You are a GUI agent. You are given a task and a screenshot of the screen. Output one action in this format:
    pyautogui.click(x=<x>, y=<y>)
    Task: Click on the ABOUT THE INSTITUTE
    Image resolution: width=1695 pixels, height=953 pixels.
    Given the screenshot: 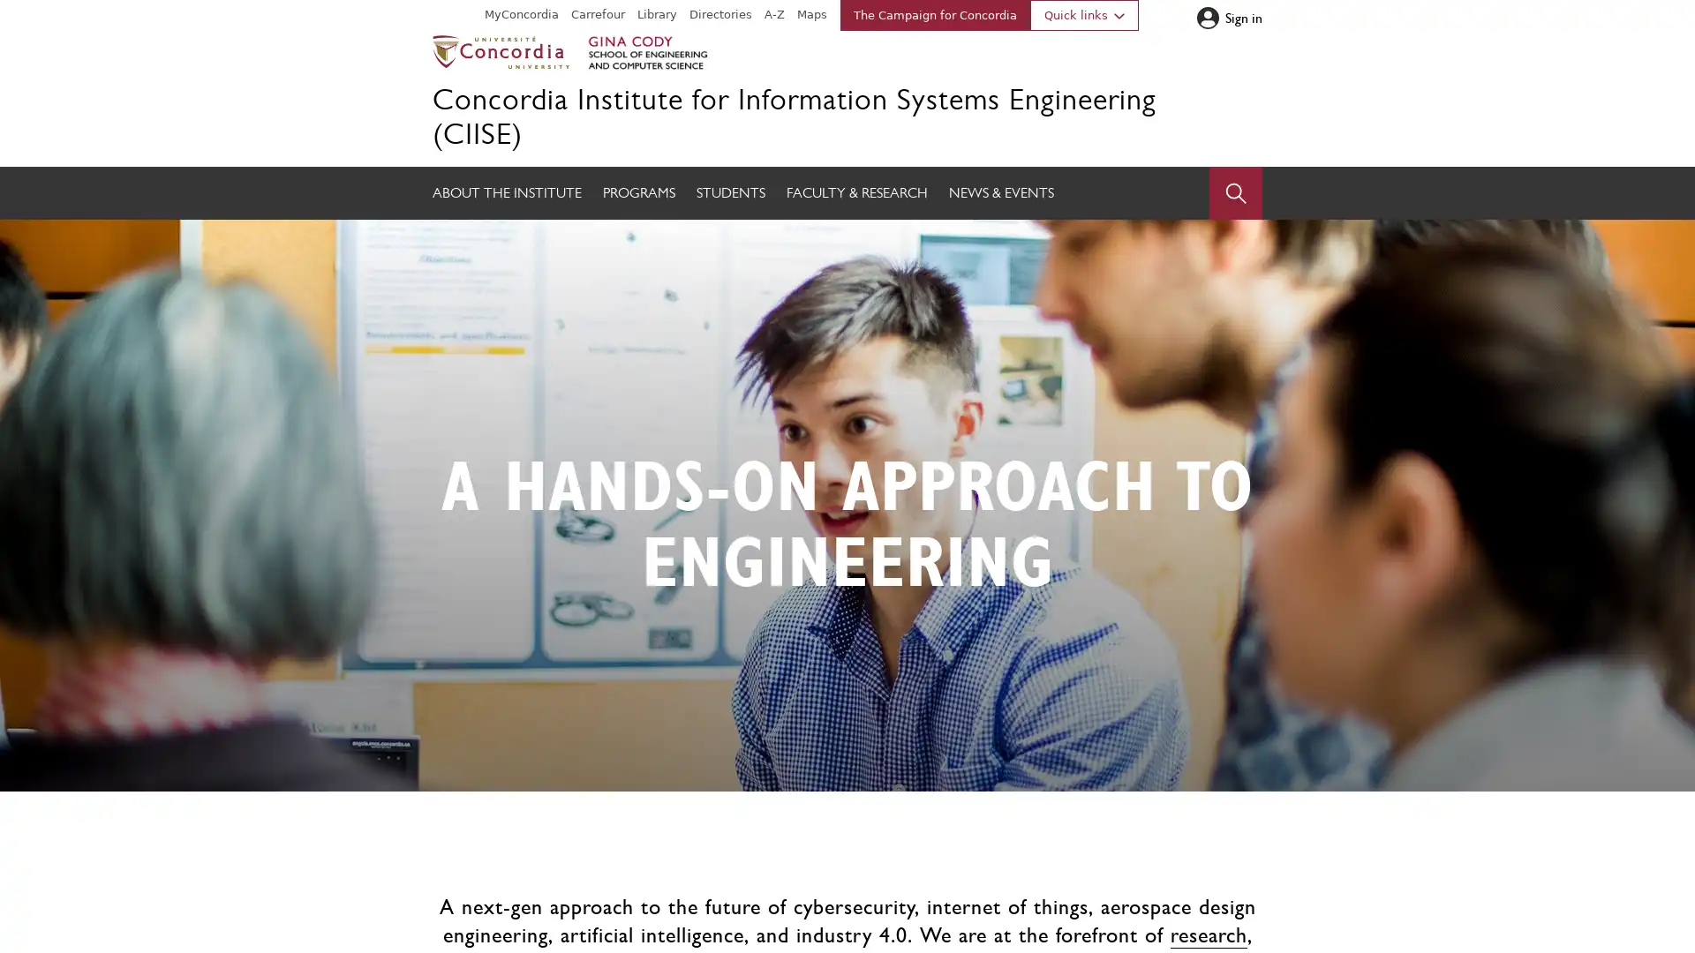 What is the action you would take?
    pyautogui.click(x=506, y=193)
    